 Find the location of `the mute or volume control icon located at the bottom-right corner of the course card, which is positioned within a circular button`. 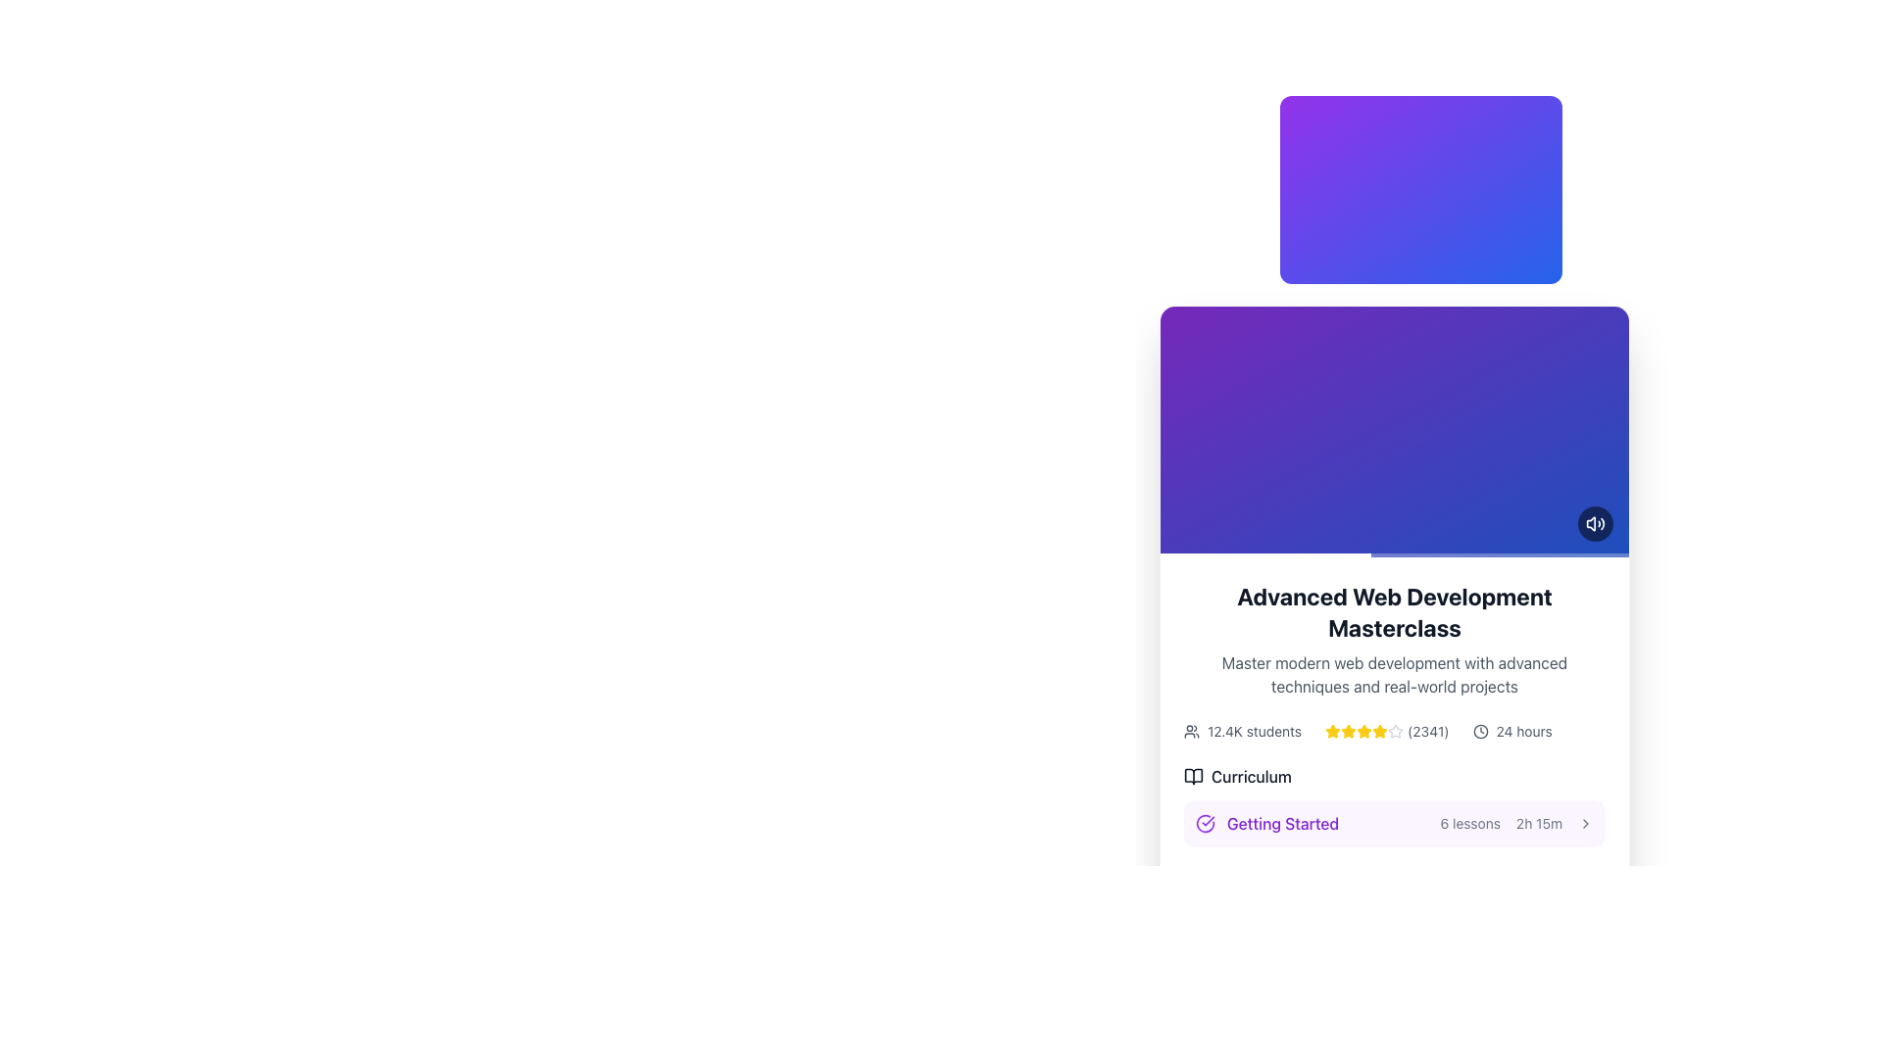

the mute or volume control icon located at the bottom-right corner of the course card, which is positioned within a circular button is located at coordinates (1595, 523).